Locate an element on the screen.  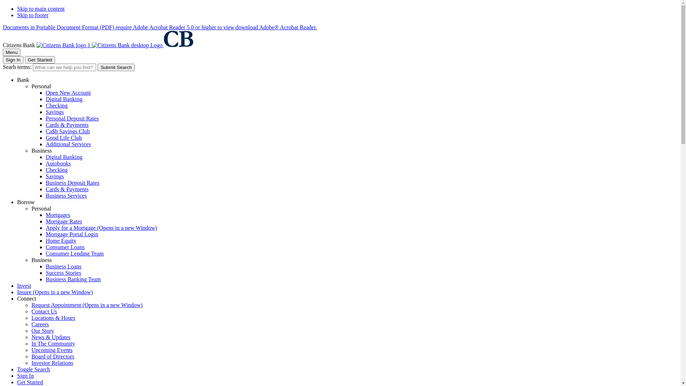
'Skip to footer' is located at coordinates (32, 15).